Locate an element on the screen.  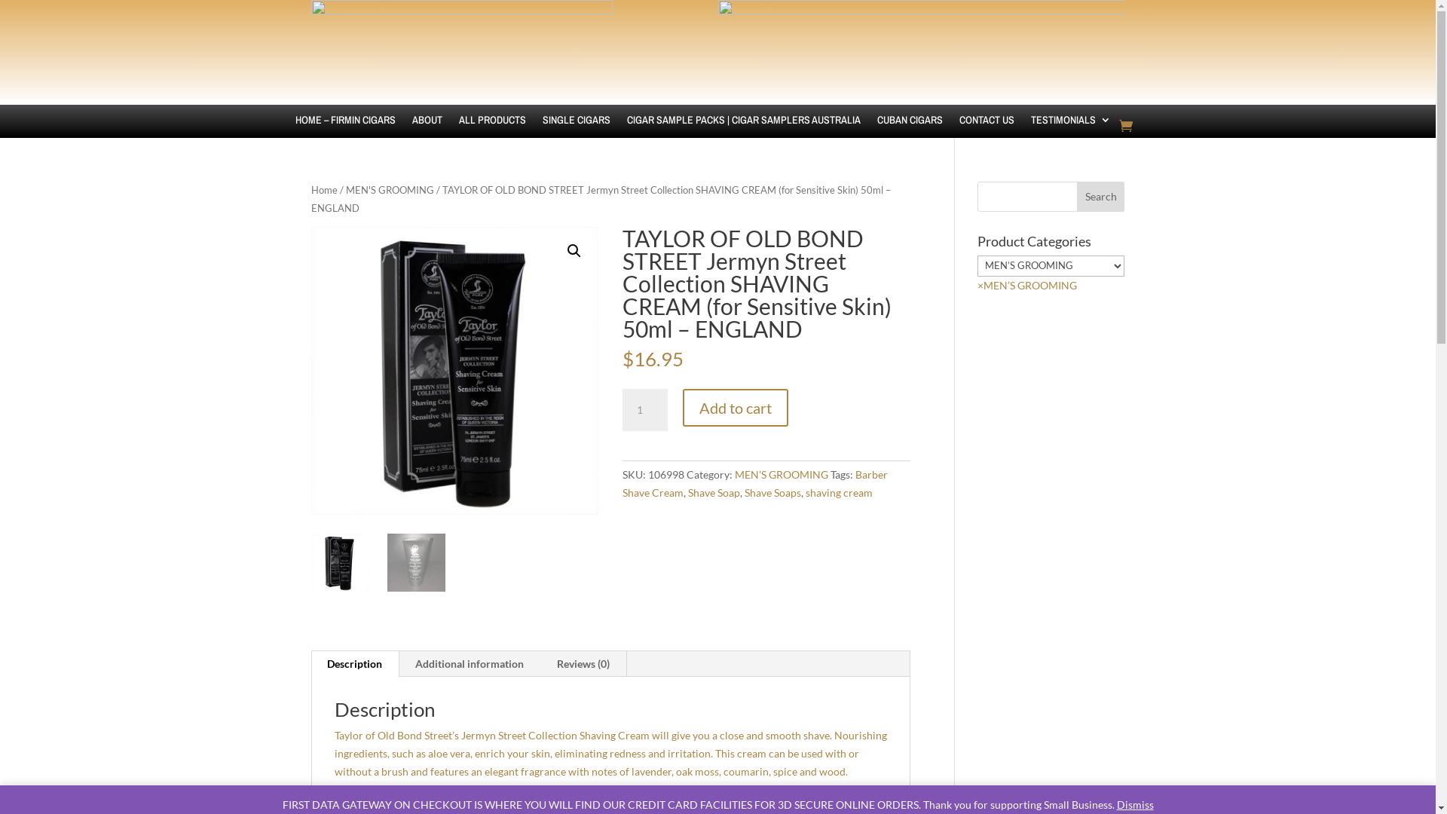
'ALL PRODUCTS' is located at coordinates (491, 130).